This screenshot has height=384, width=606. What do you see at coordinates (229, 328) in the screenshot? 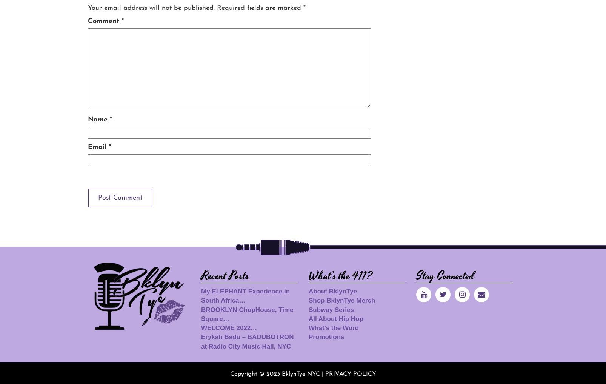
I see `'WELCOME 2022…'` at bounding box center [229, 328].